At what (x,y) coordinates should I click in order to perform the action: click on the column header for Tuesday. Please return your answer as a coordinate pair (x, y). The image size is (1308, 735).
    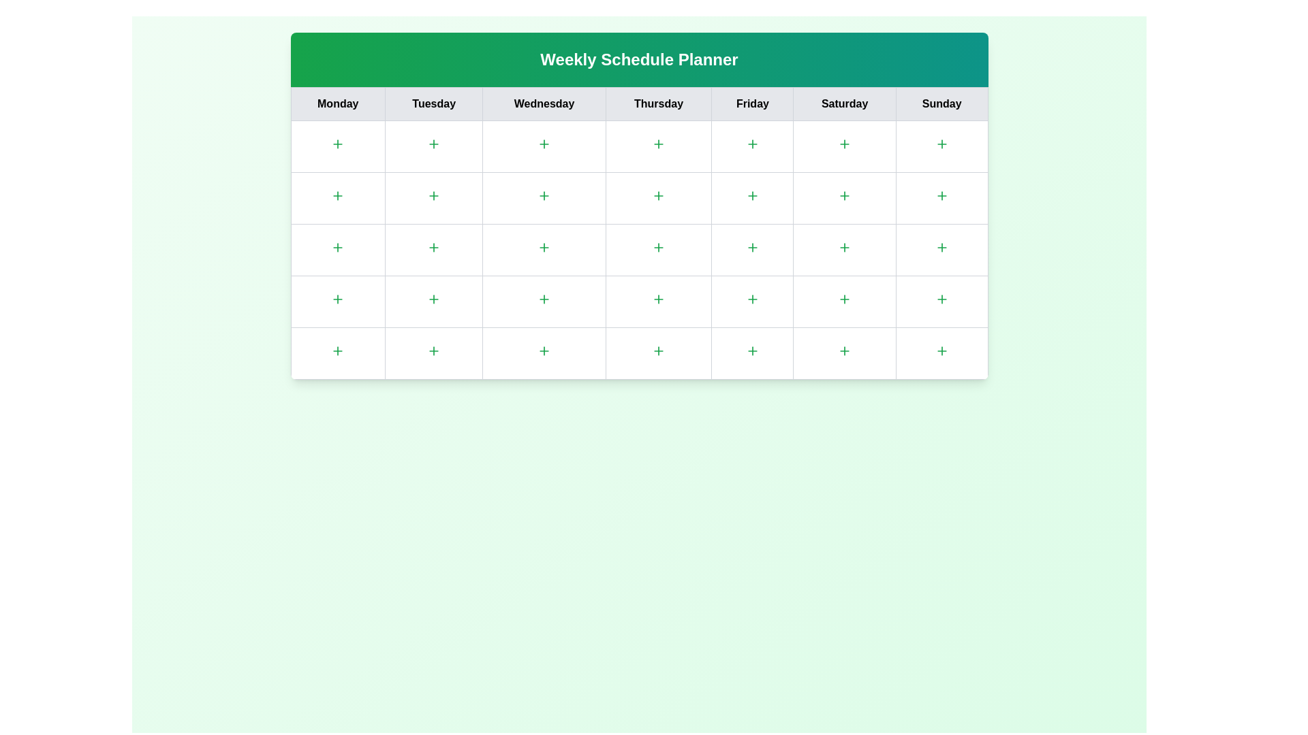
    Looking at the image, I should click on (433, 103).